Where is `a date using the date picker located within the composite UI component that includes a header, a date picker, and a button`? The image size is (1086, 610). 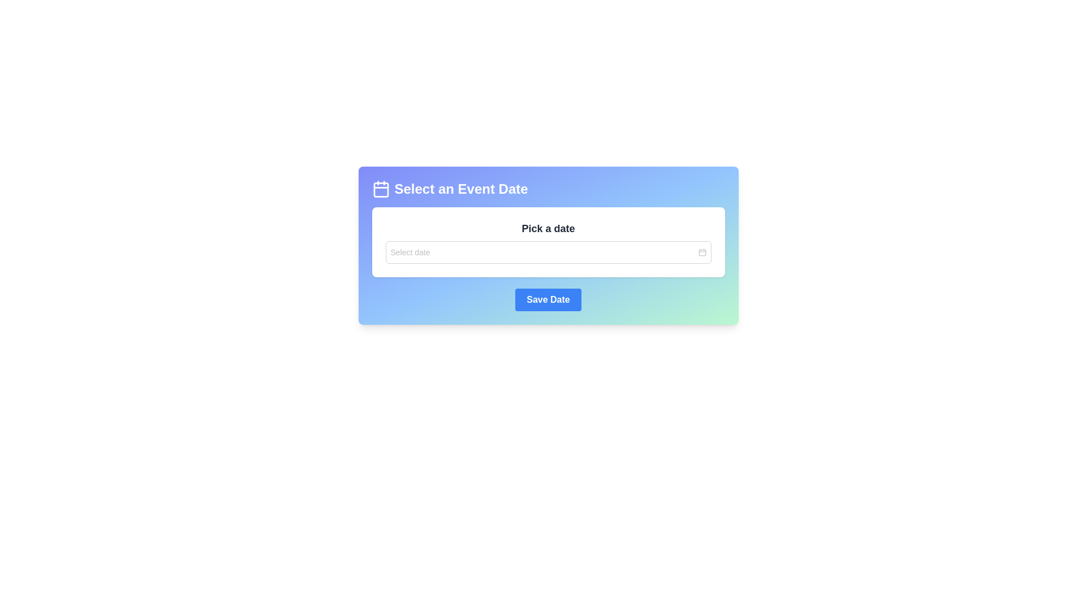
a date using the date picker located within the composite UI component that includes a header, a date picker, and a button is located at coordinates (548, 245).